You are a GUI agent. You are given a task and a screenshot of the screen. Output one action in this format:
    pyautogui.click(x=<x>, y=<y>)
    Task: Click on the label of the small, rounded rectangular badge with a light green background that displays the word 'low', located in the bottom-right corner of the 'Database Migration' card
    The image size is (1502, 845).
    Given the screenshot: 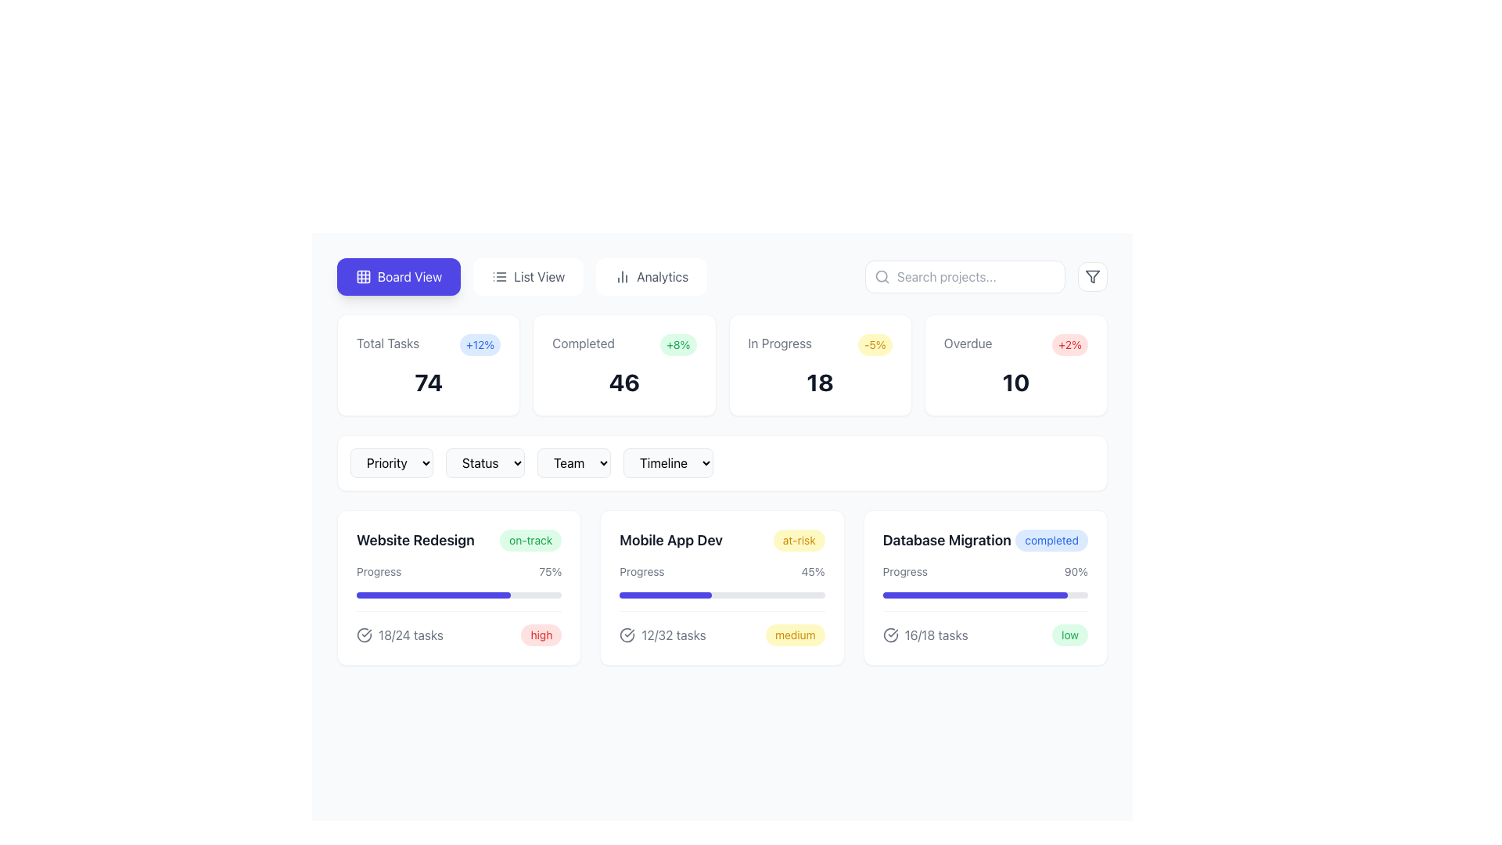 What is the action you would take?
    pyautogui.click(x=1069, y=635)
    